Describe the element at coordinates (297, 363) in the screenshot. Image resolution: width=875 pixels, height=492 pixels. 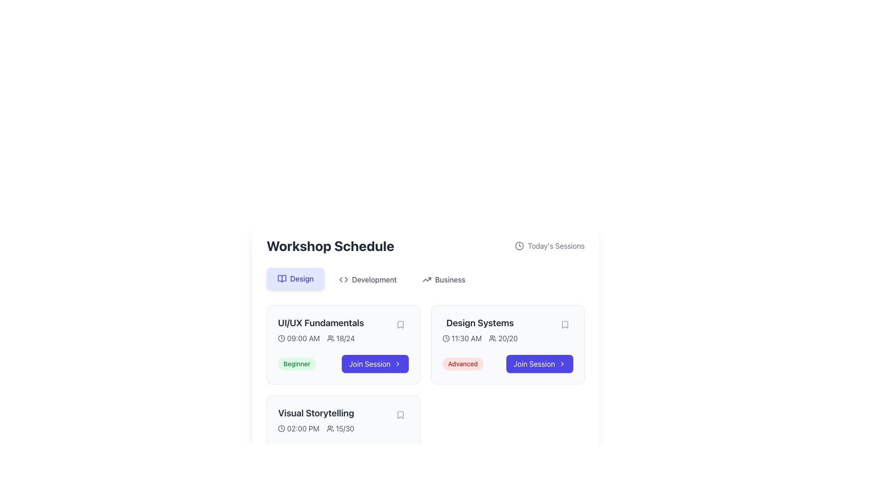
I see `the label with the text 'Beginner', which has a light green background and green font, located in the bottom-left area of the card under 'UI/UX Fundamentals'` at that location.